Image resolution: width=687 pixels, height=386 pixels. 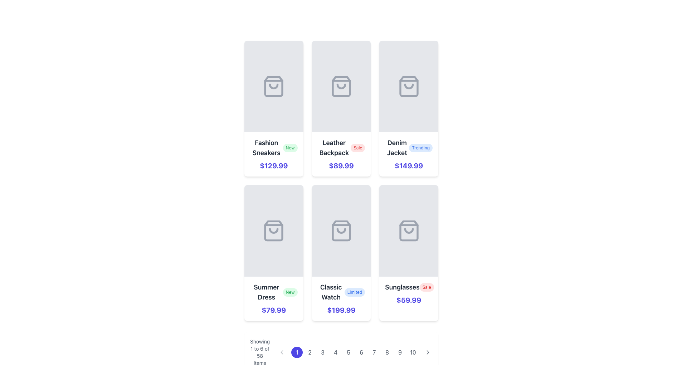 What do you see at coordinates (361, 352) in the screenshot?
I see `the circular button with the number '6' in dark gray text` at bounding box center [361, 352].